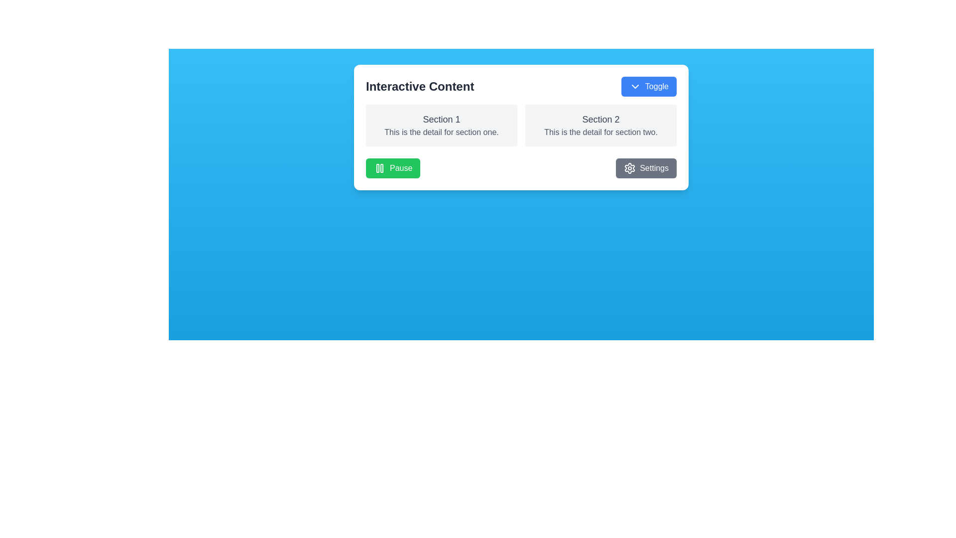  What do you see at coordinates (600, 119) in the screenshot?
I see `the Text Label that serves as a header for the section, located above the text 'This is the detail for section two.'` at bounding box center [600, 119].